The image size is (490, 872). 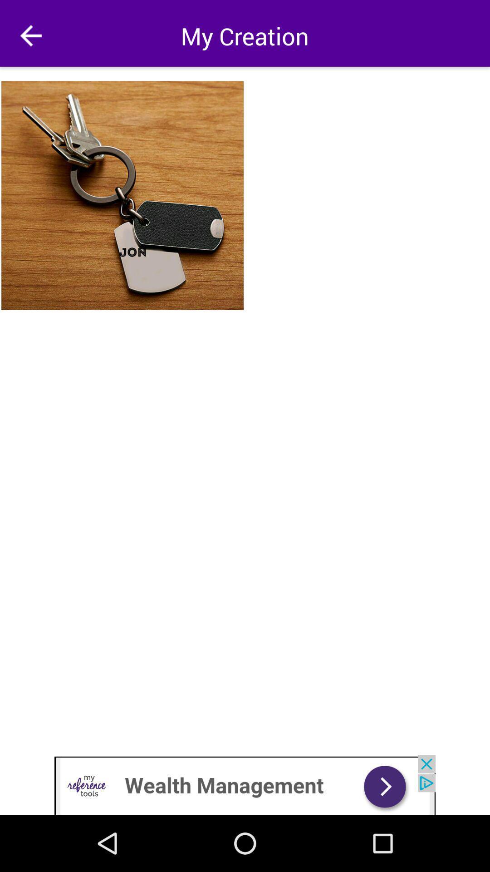 I want to click on pervious, so click(x=30, y=35).